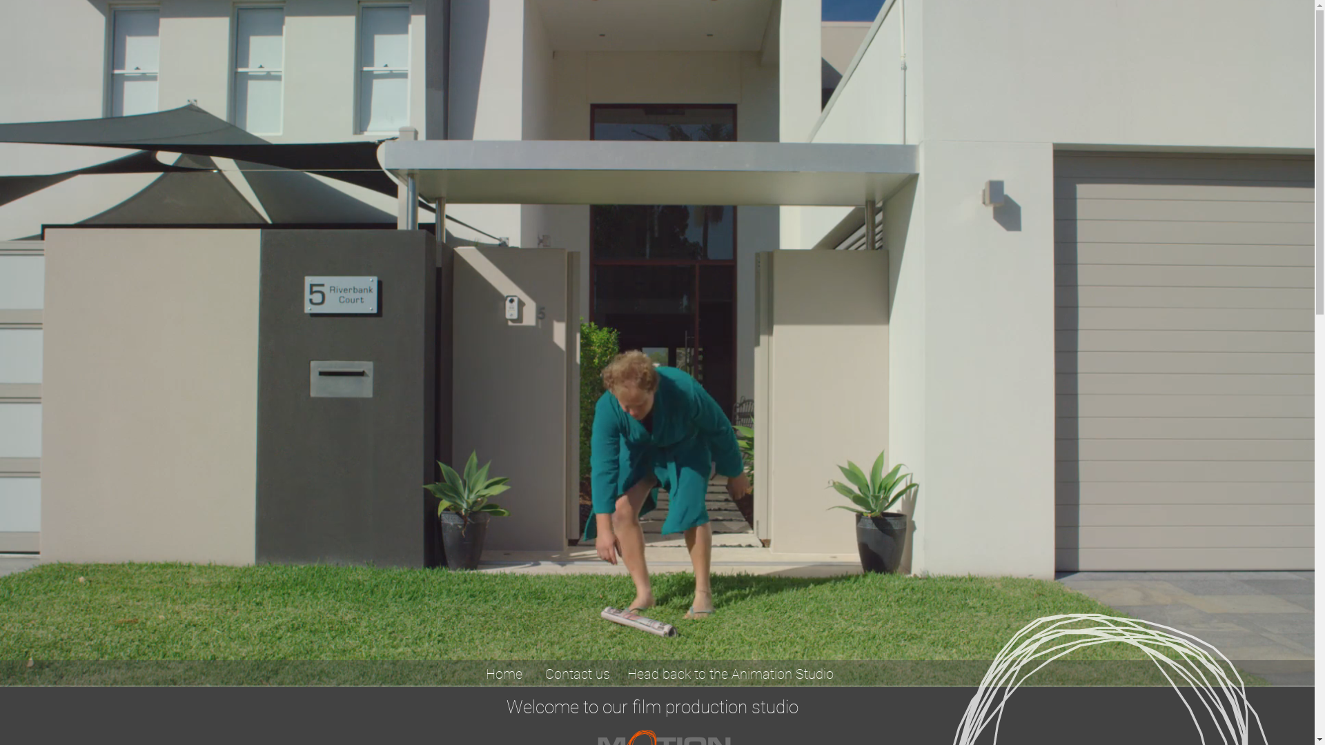  I want to click on 'Contact us', so click(577, 673).